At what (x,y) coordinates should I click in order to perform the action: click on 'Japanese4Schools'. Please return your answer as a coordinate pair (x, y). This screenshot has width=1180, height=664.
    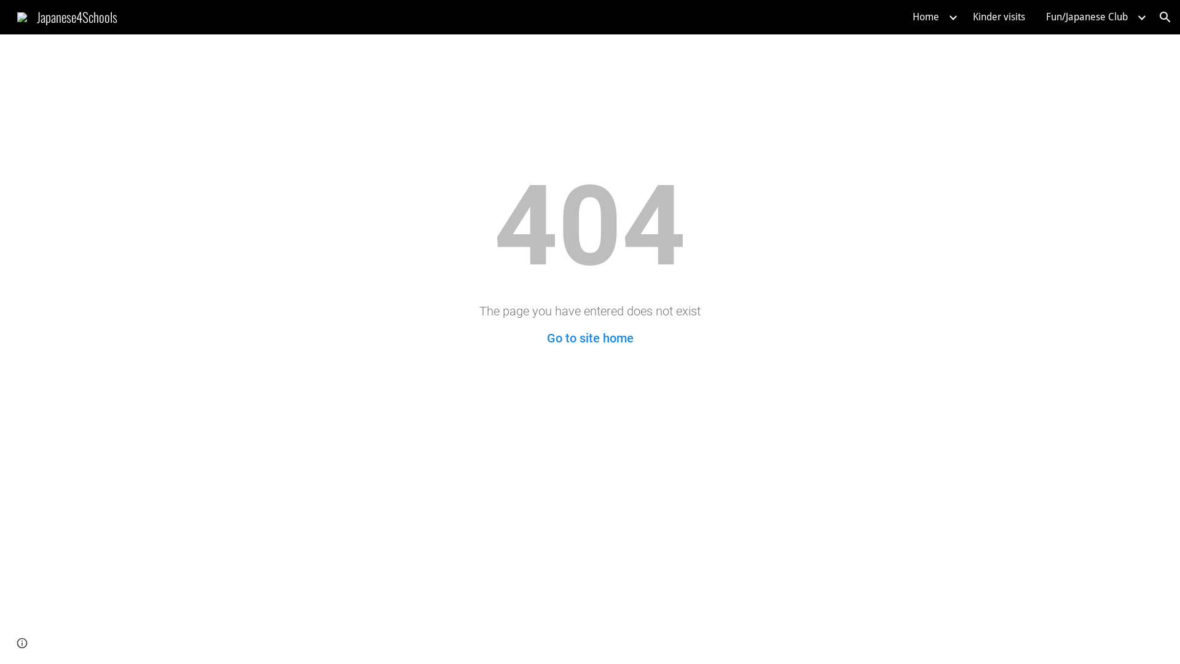
    Looking at the image, I should click on (66, 15).